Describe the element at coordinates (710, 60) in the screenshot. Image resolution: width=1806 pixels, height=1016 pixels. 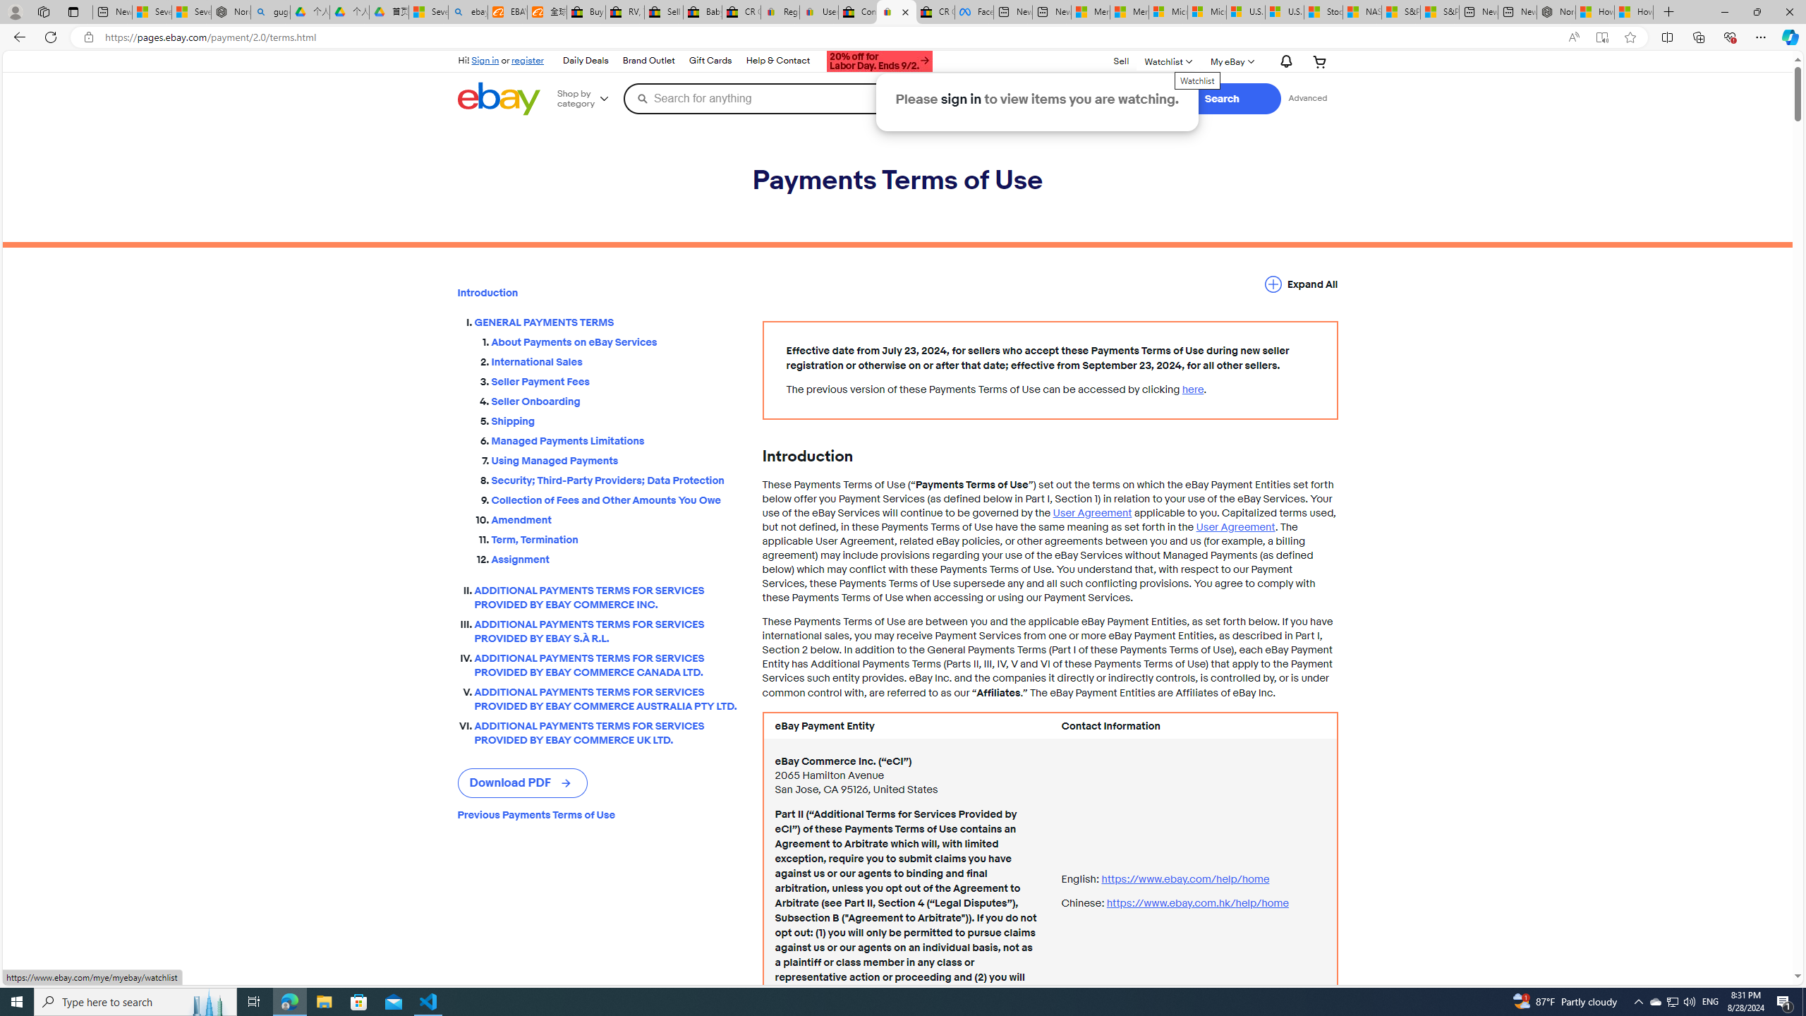
I see `'Gift Cards'` at that location.